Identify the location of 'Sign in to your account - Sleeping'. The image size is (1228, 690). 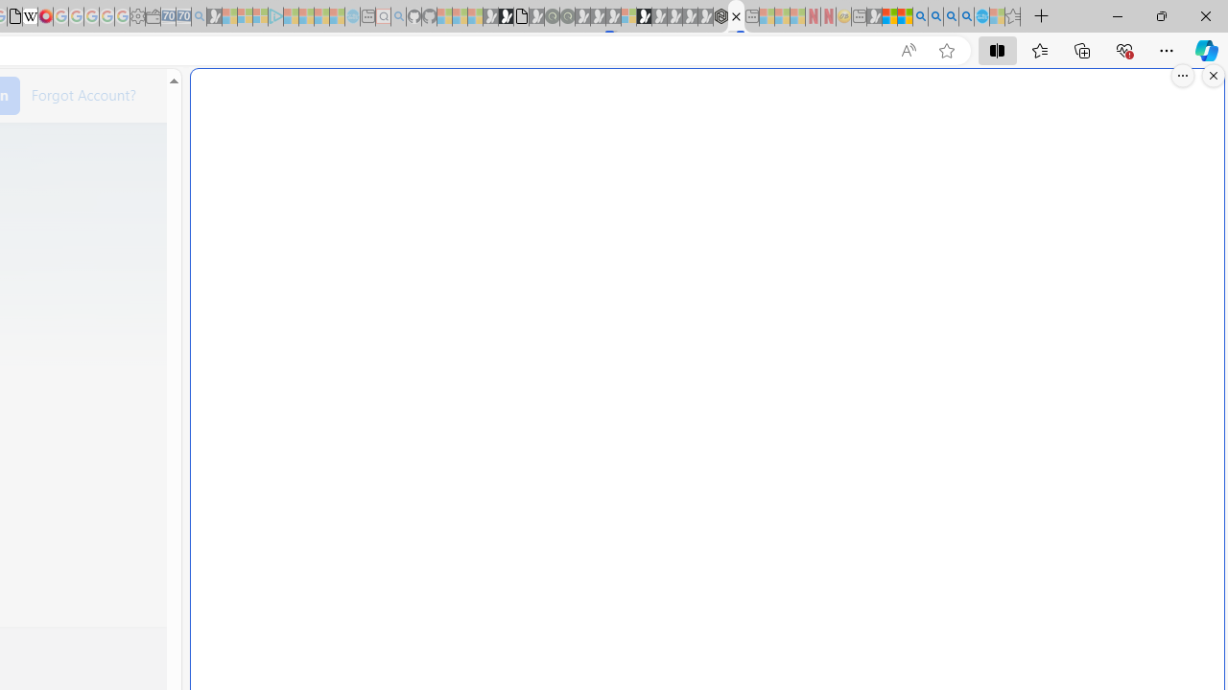
(628, 16).